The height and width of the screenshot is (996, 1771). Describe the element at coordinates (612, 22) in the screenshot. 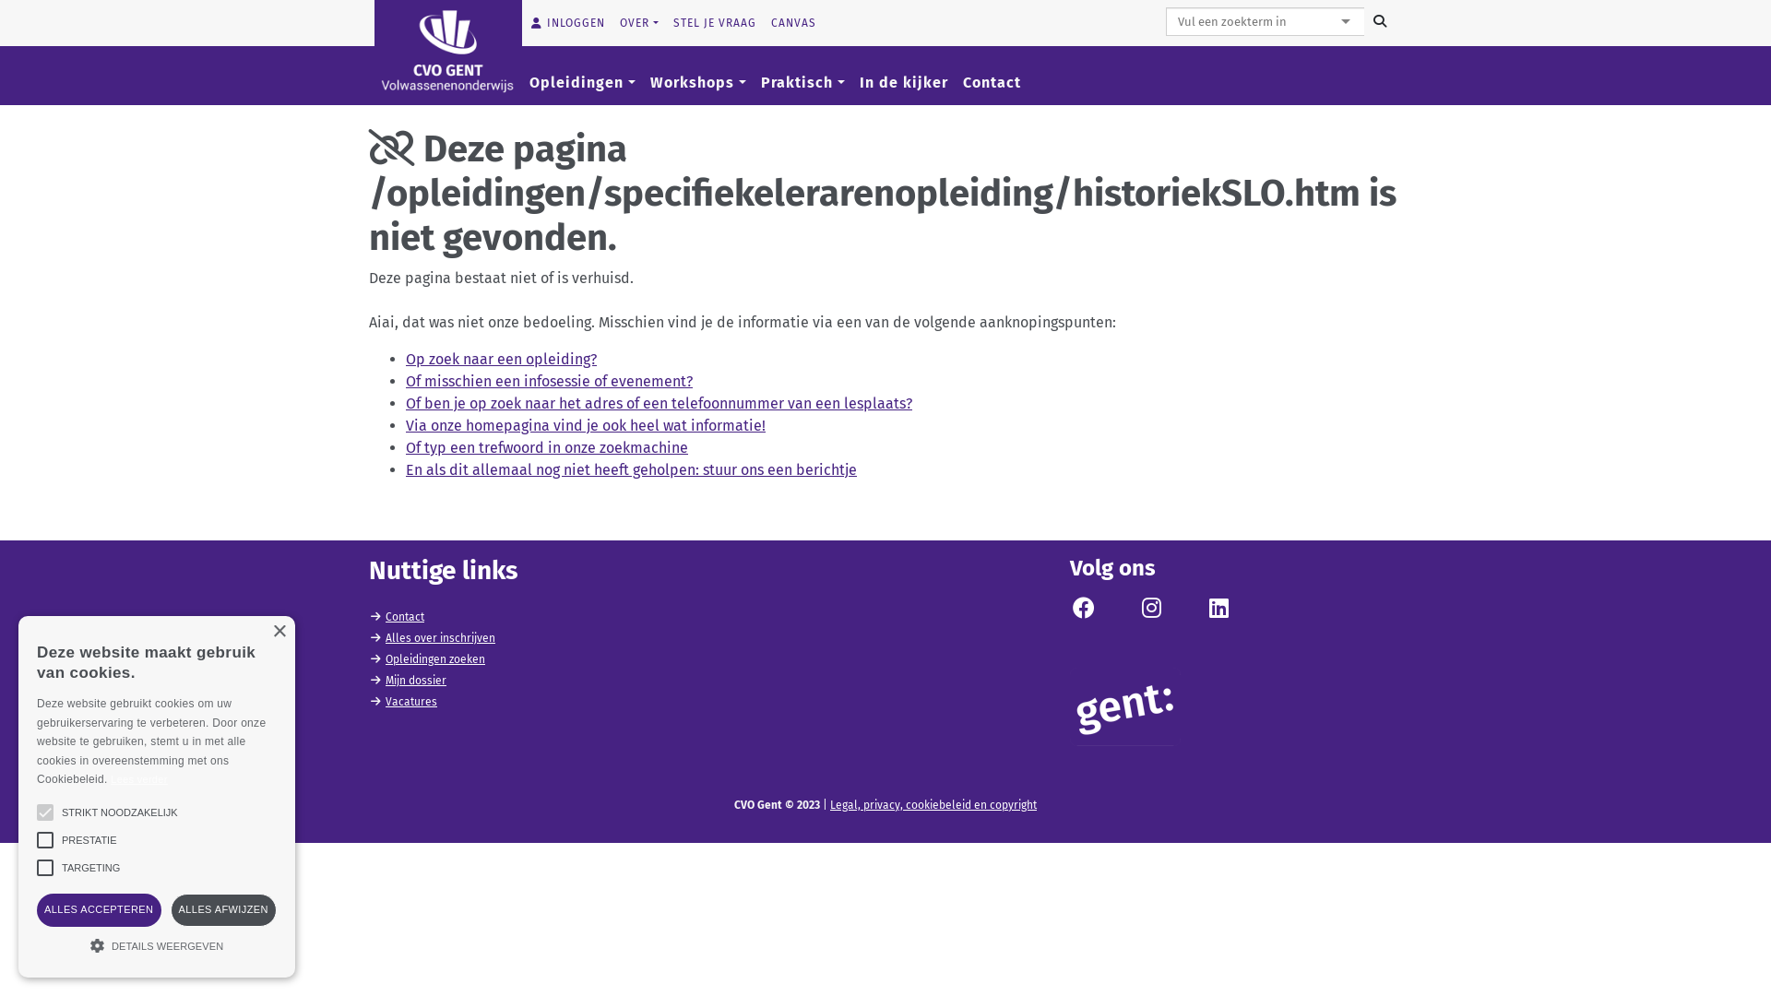

I see `'OVER'` at that location.